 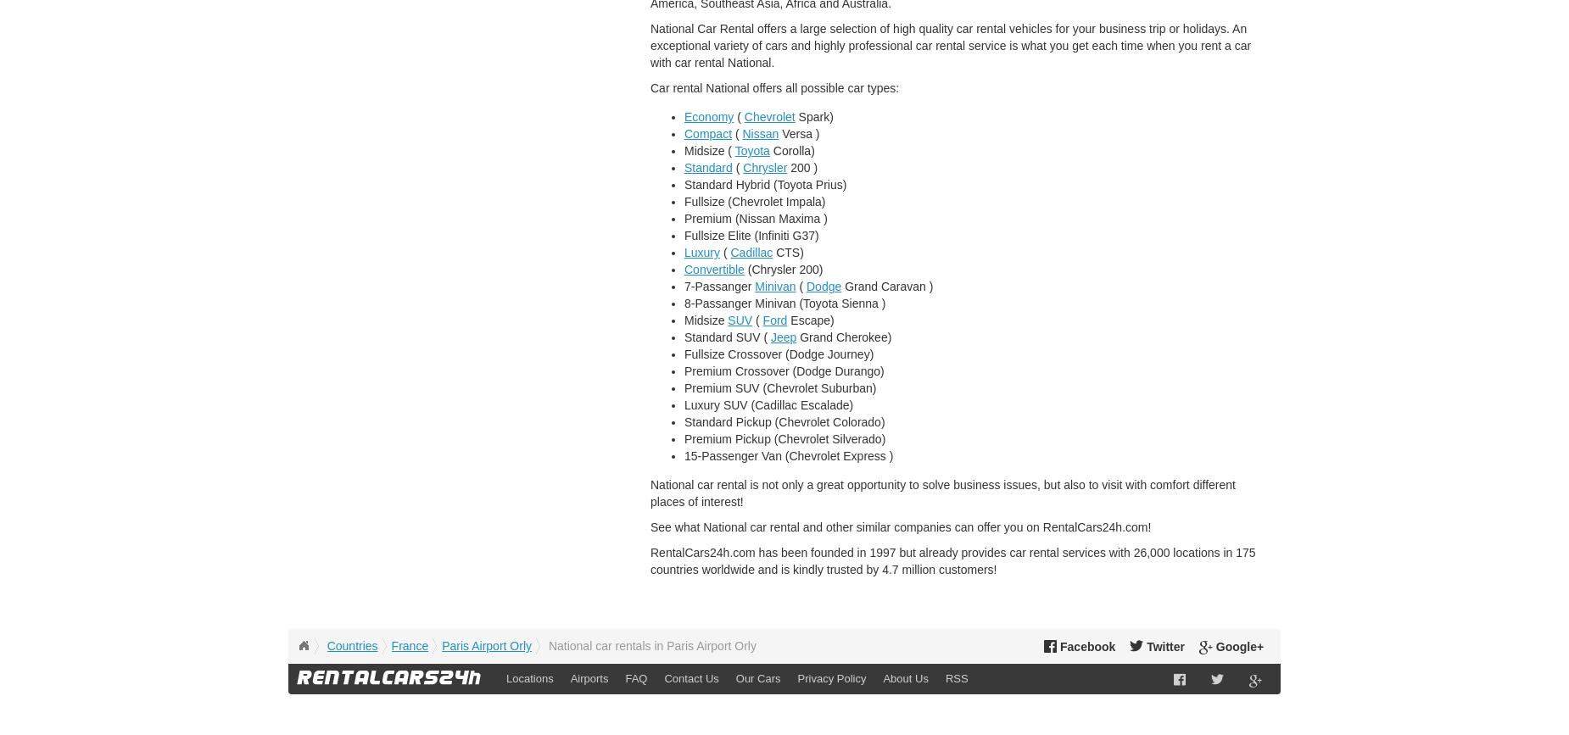 What do you see at coordinates (751, 235) in the screenshot?
I see `'Fullsize Elite (Infiniti G37)'` at bounding box center [751, 235].